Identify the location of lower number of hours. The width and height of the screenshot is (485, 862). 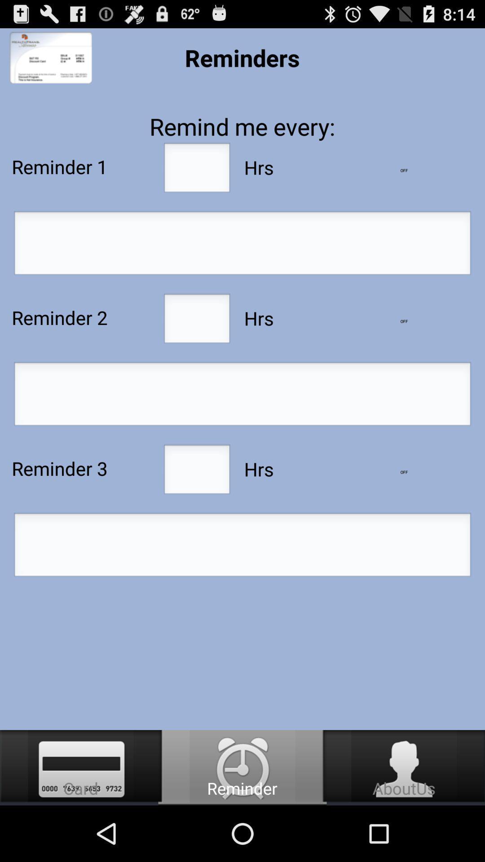
(403, 170).